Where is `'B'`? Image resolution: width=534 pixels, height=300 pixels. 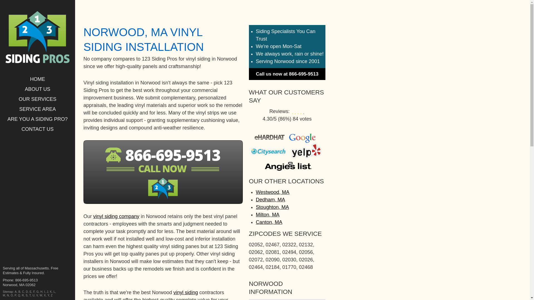 'B' is located at coordinates (19, 291).